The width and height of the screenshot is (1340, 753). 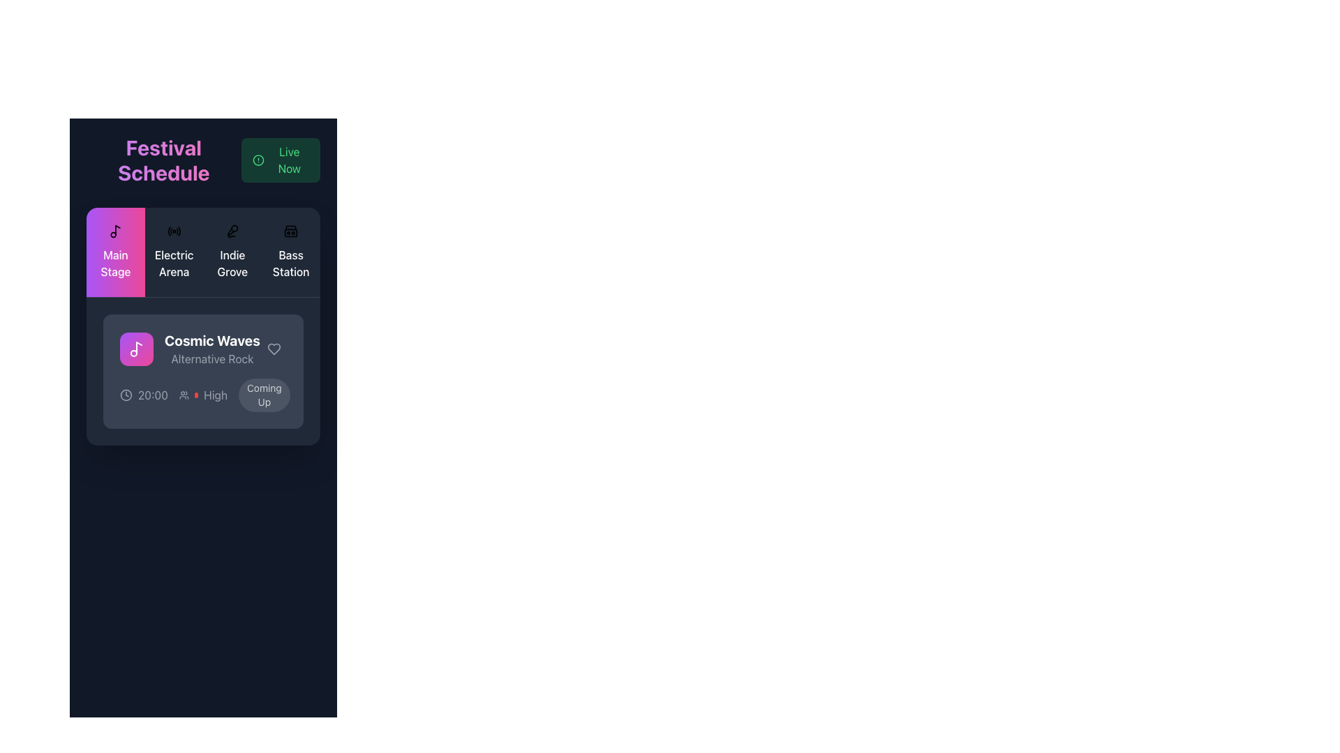 I want to click on the microphone icon located in the grid-like menu under the label 'Indie Grove', so click(x=232, y=230).